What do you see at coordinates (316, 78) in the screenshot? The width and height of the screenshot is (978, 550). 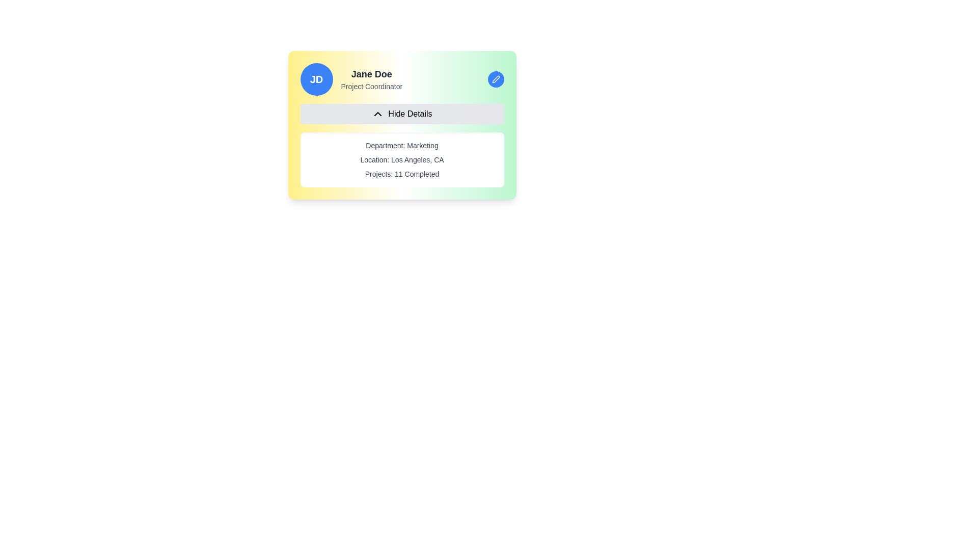 I see `the circular badge with a solid blue background and white initials 'JD'` at bounding box center [316, 78].